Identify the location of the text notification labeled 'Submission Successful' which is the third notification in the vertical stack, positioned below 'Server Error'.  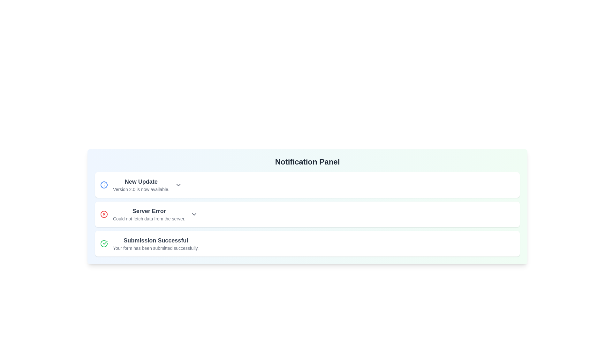
(156, 244).